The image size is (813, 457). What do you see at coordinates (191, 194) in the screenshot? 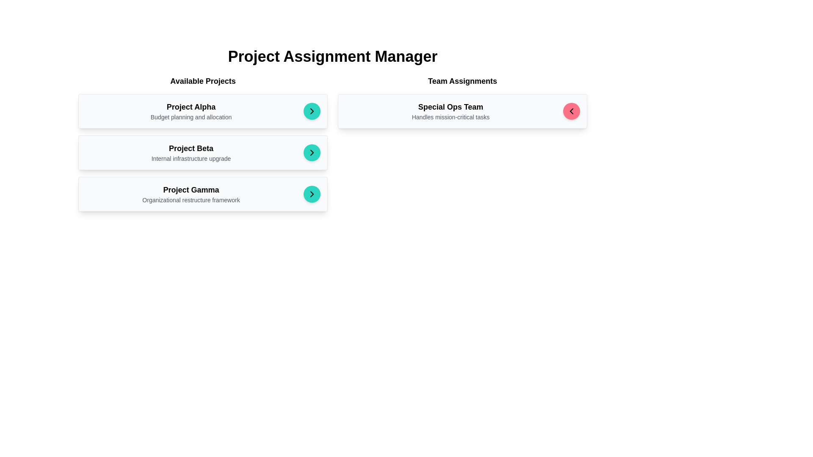
I see `the static text element displaying the title and description of 'Project Gamma', located as the third card in the left-hand column of the 'Available Projects' section` at bounding box center [191, 194].